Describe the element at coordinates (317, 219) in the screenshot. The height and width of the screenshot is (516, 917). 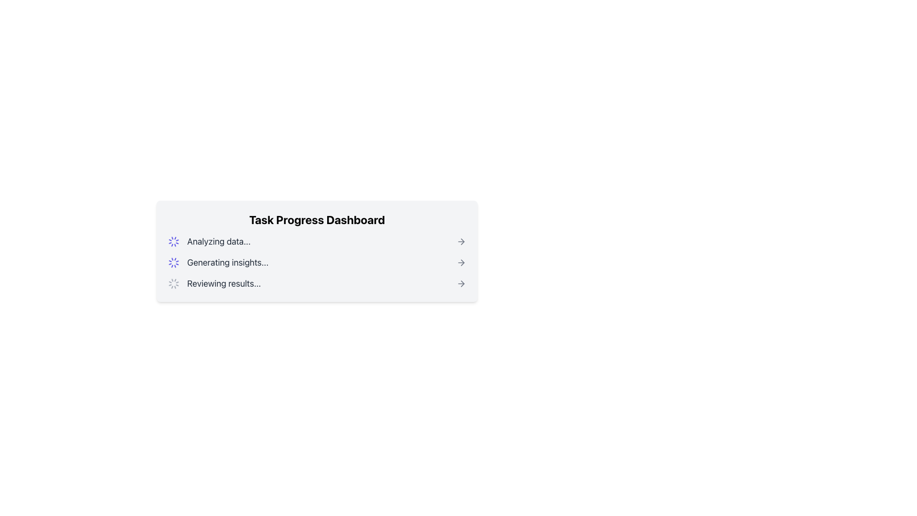
I see `text content of the top-centered Text Header that summarizes the dashboard's purpose and content` at that location.